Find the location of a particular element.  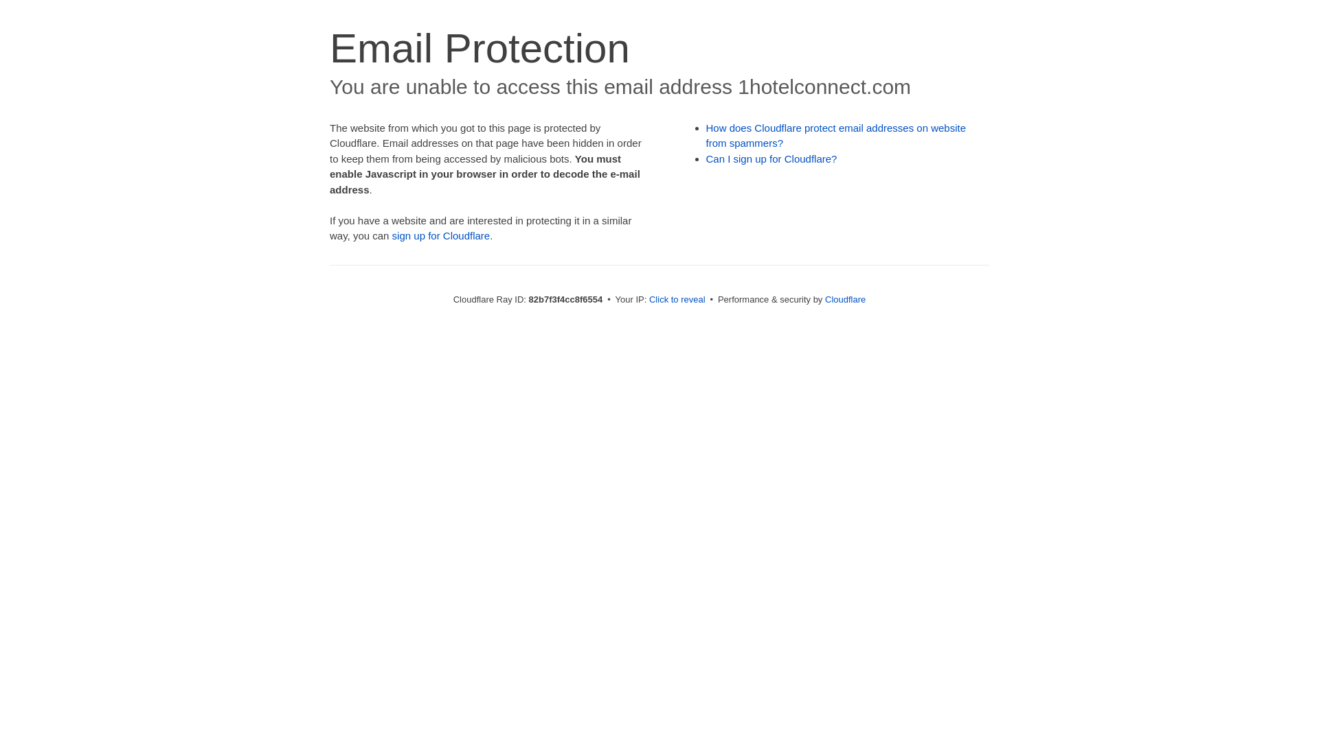

'Can I sign up for Cloudflare?' is located at coordinates (771, 158).